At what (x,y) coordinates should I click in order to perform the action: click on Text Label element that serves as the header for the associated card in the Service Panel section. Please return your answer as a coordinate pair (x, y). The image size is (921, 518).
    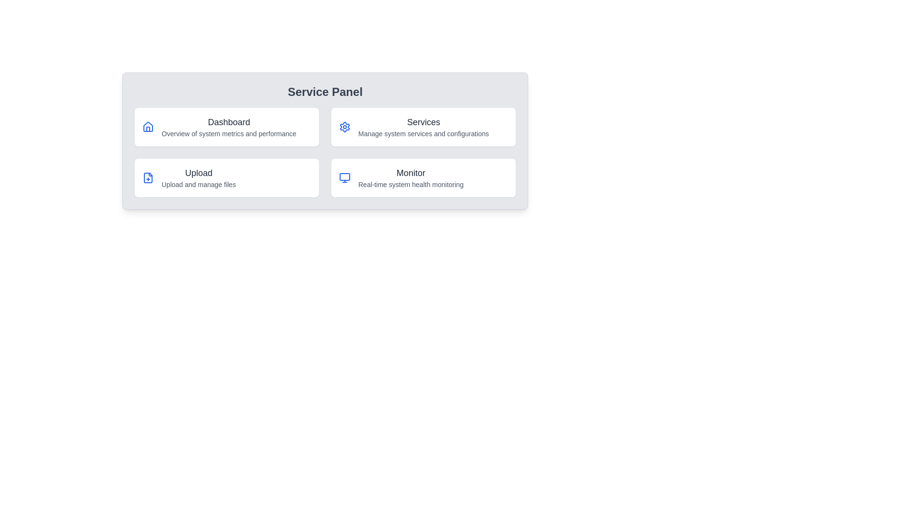
    Looking at the image, I should click on (228, 121).